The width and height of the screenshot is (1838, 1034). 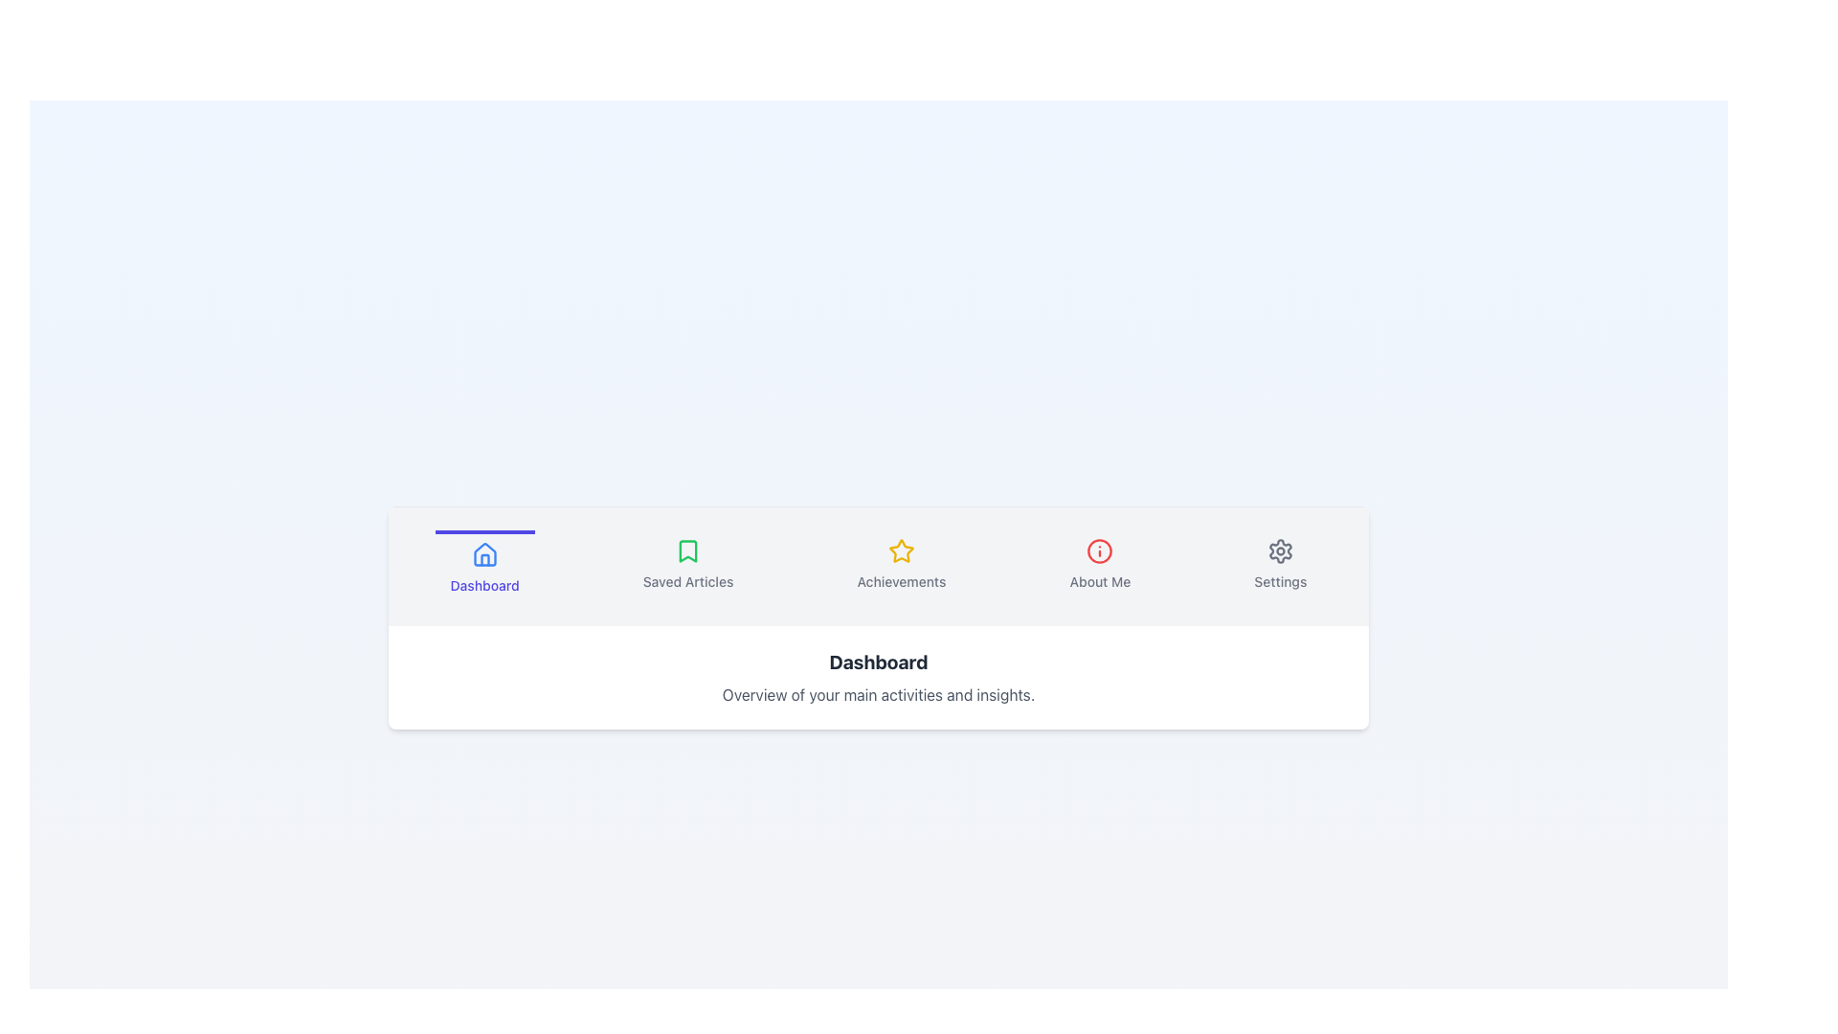 I want to click on text label that contains the description 'Overview of your main activities and insights.' which is displayed in a smaller, gray, and centered font below the 'Dashboard' text, so click(x=877, y=694).